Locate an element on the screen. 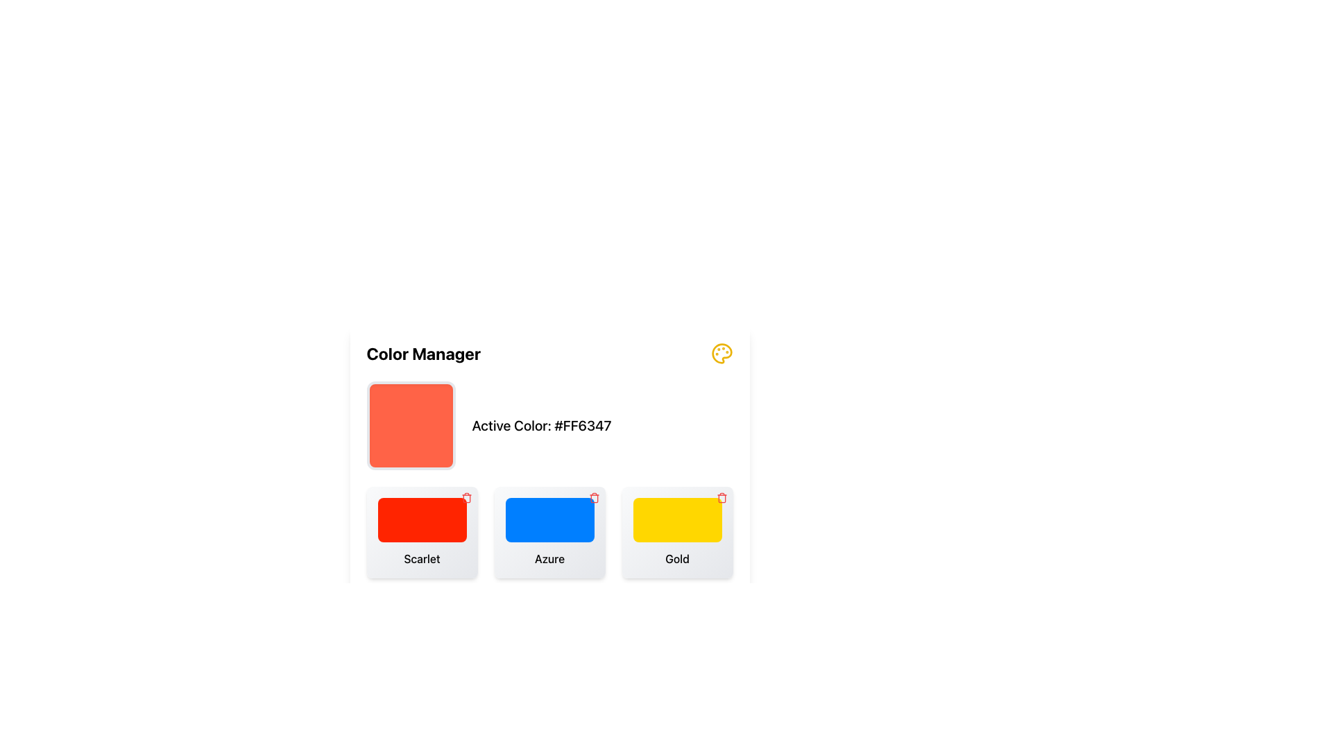 This screenshot has height=749, width=1332. the bright blue color swatch with rounded corners located in the Azure card below the Color Manager title is located at coordinates (549, 519).